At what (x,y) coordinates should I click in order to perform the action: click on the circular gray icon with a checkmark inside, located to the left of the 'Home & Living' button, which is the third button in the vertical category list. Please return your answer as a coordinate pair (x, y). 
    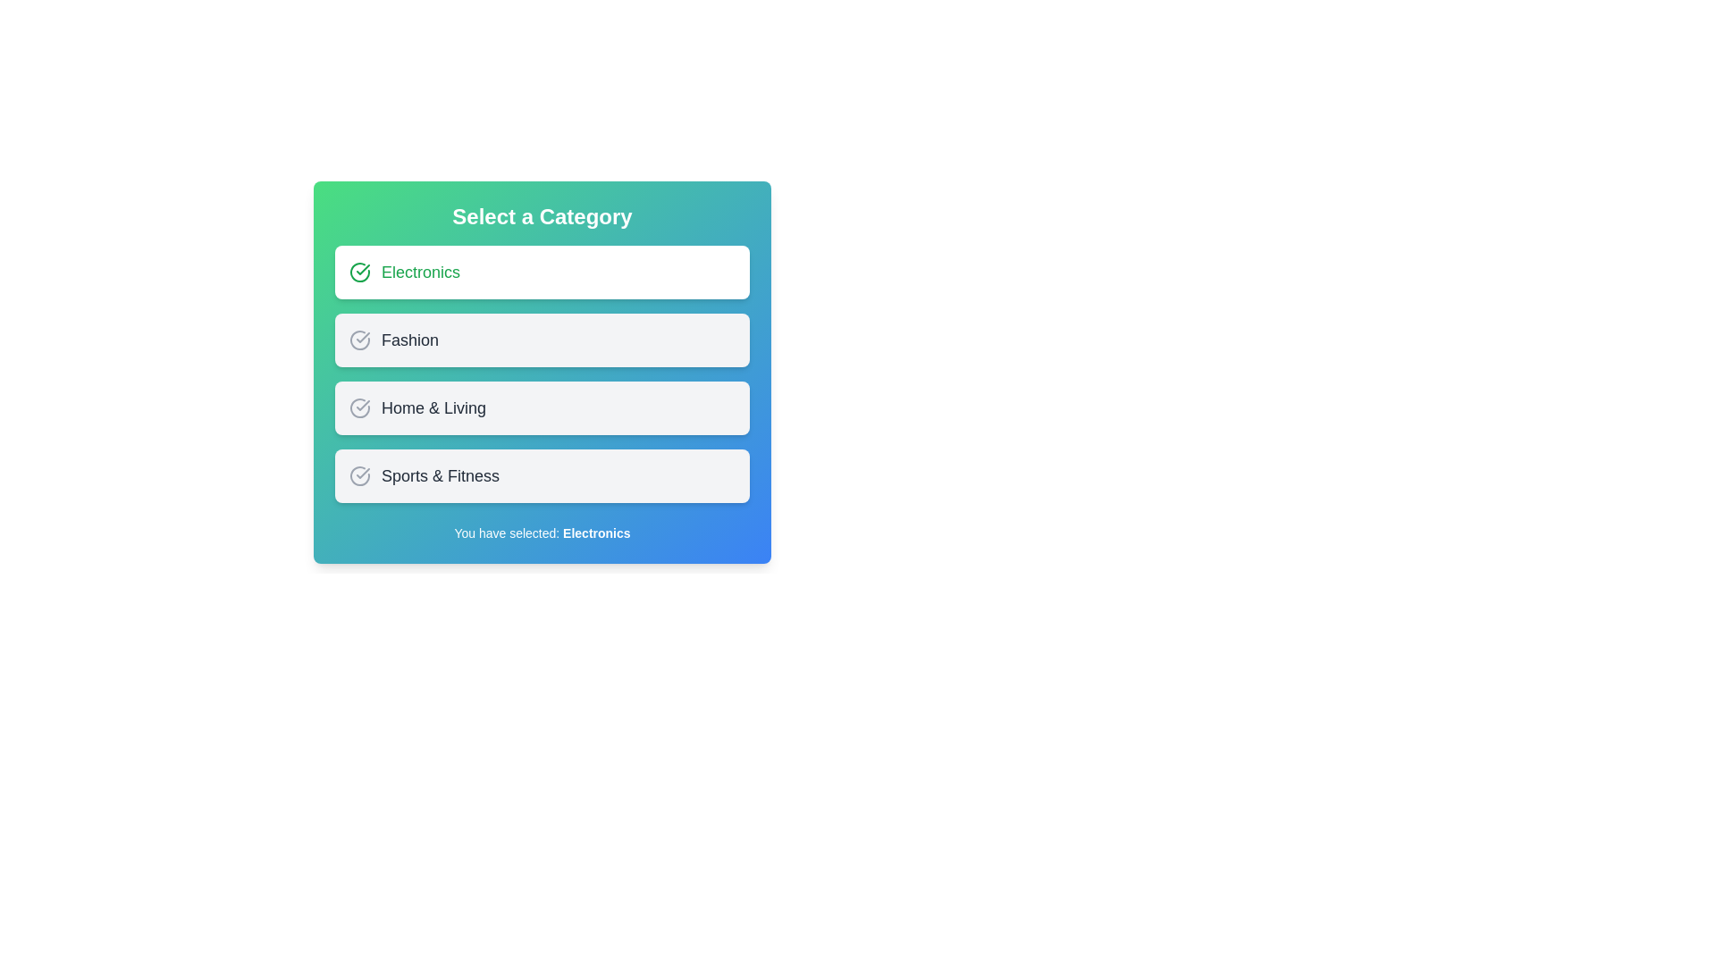
    Looking at the image, I should click on (359, 407).